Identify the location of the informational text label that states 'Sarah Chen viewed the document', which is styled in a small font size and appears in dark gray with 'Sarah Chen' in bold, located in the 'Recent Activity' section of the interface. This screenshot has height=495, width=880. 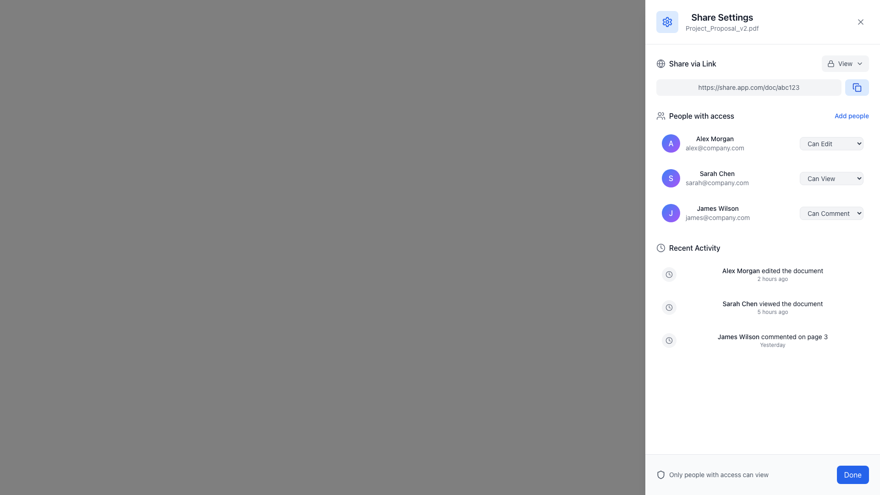
(772, 304).